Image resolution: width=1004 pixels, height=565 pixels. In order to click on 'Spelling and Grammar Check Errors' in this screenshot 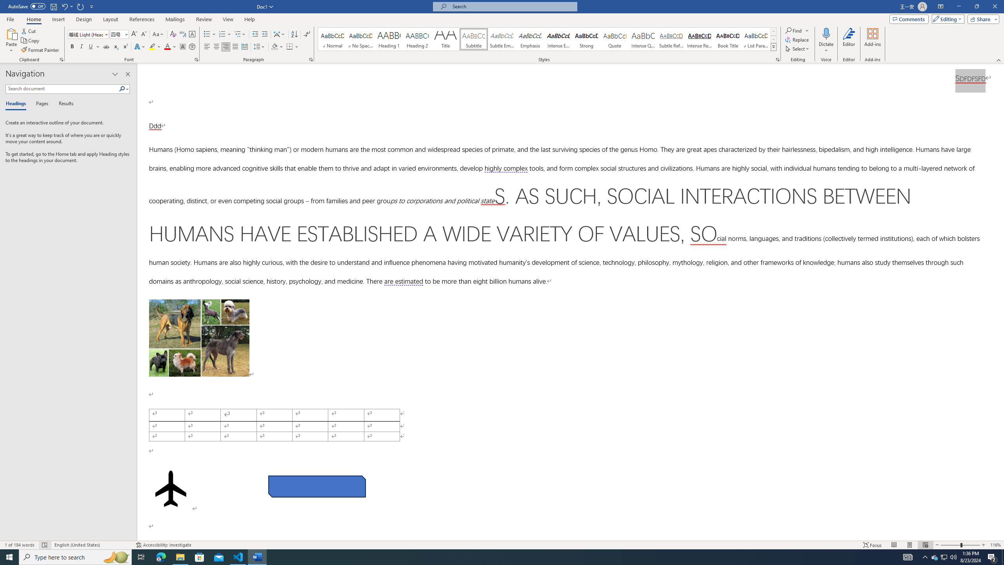, I will do `click(45, 545)`.